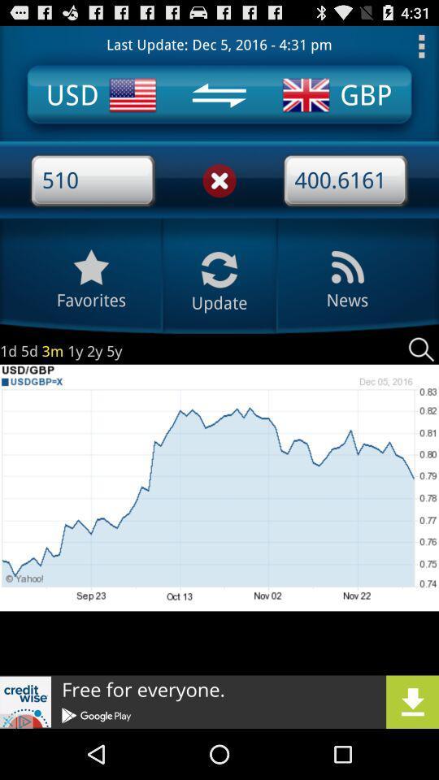  Describe the element at coordinates (219, 95) in the screenshot. I see `this is button for interchange the usd and gbp` at that location.